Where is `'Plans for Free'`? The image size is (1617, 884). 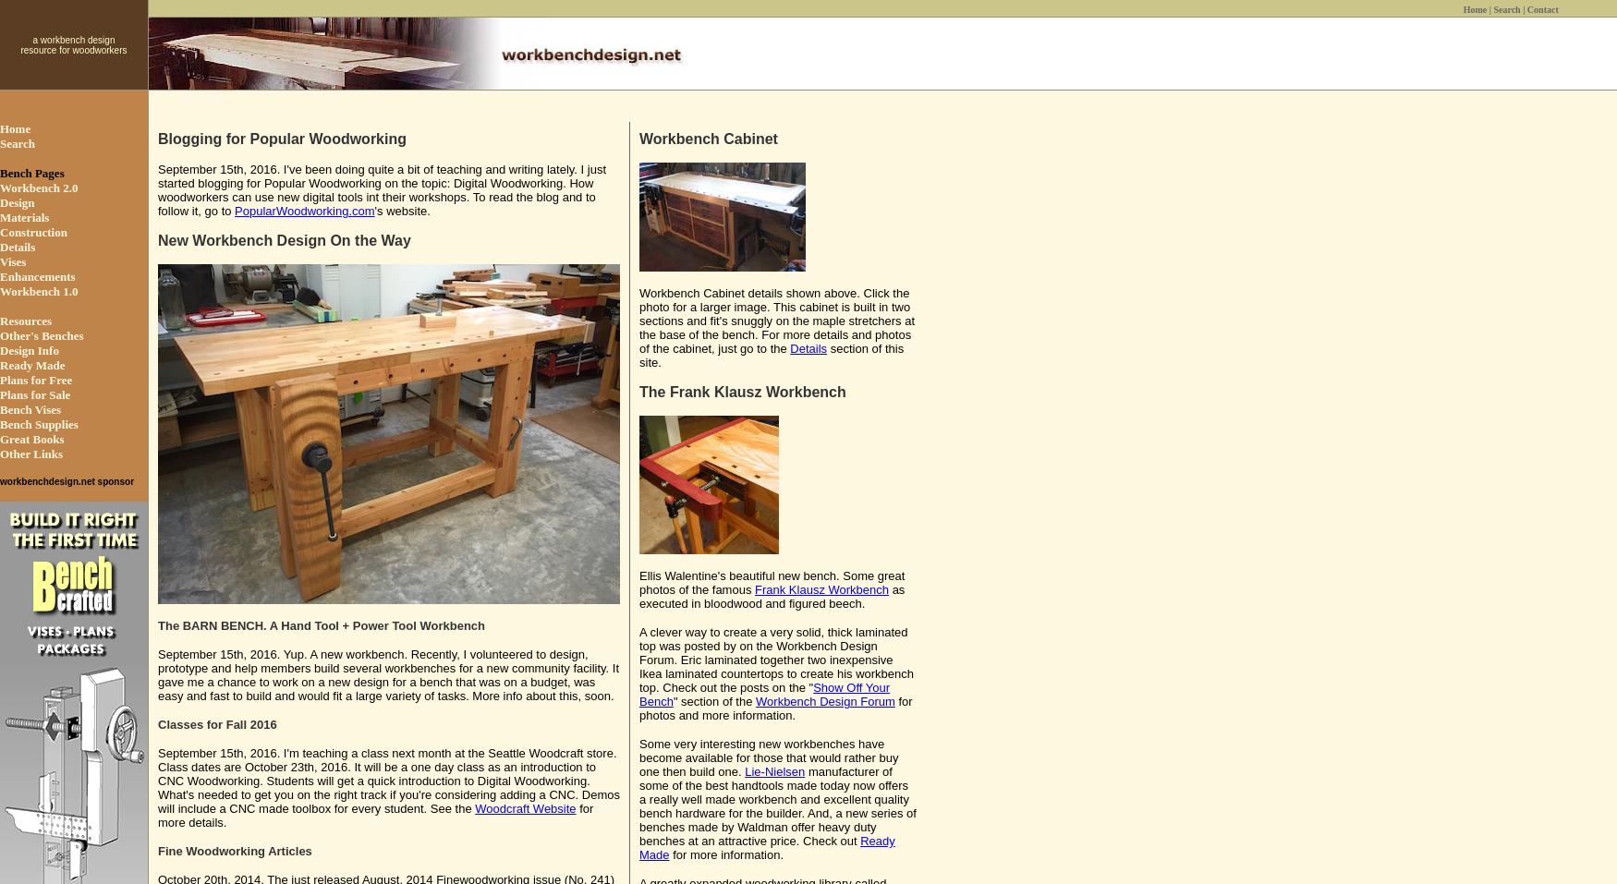
'Plans for Free' is located at coordinates (35, 379).